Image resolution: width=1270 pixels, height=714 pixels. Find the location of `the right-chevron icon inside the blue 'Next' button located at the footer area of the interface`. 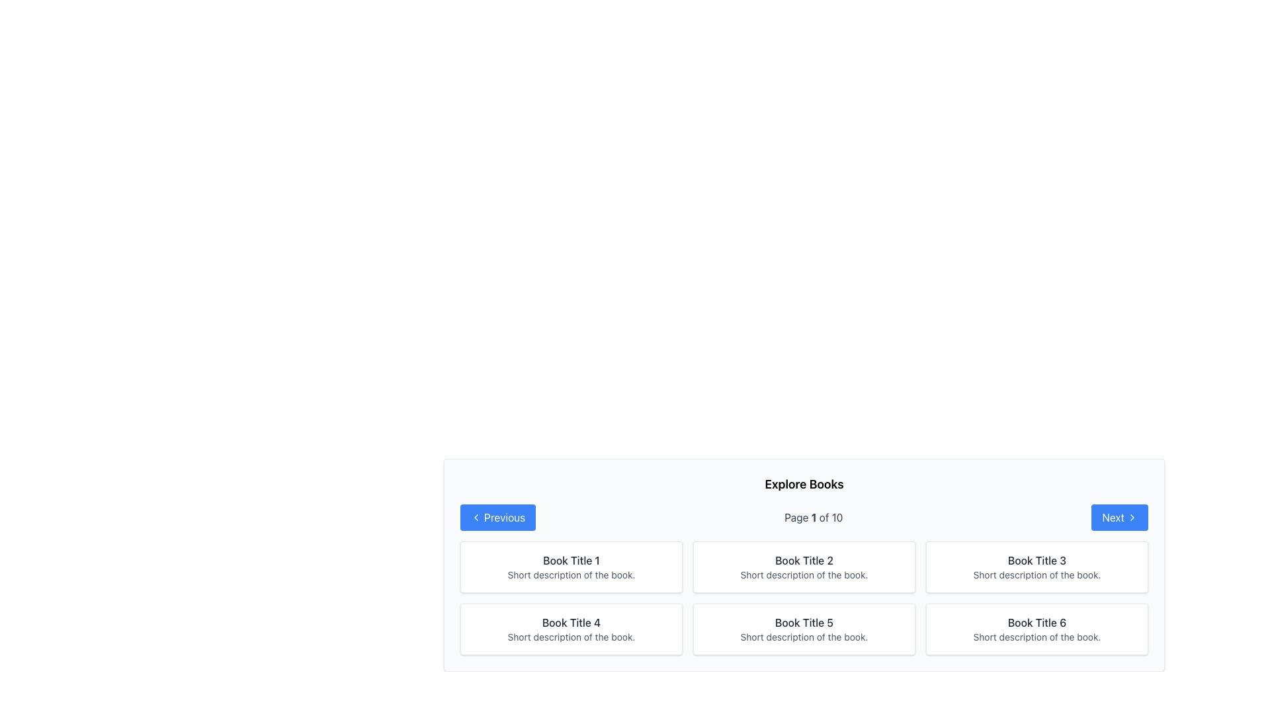

the right-chevron icon inside the blue 'Next' button located at the footer area of the interface is located at coordinates (1132, 517).